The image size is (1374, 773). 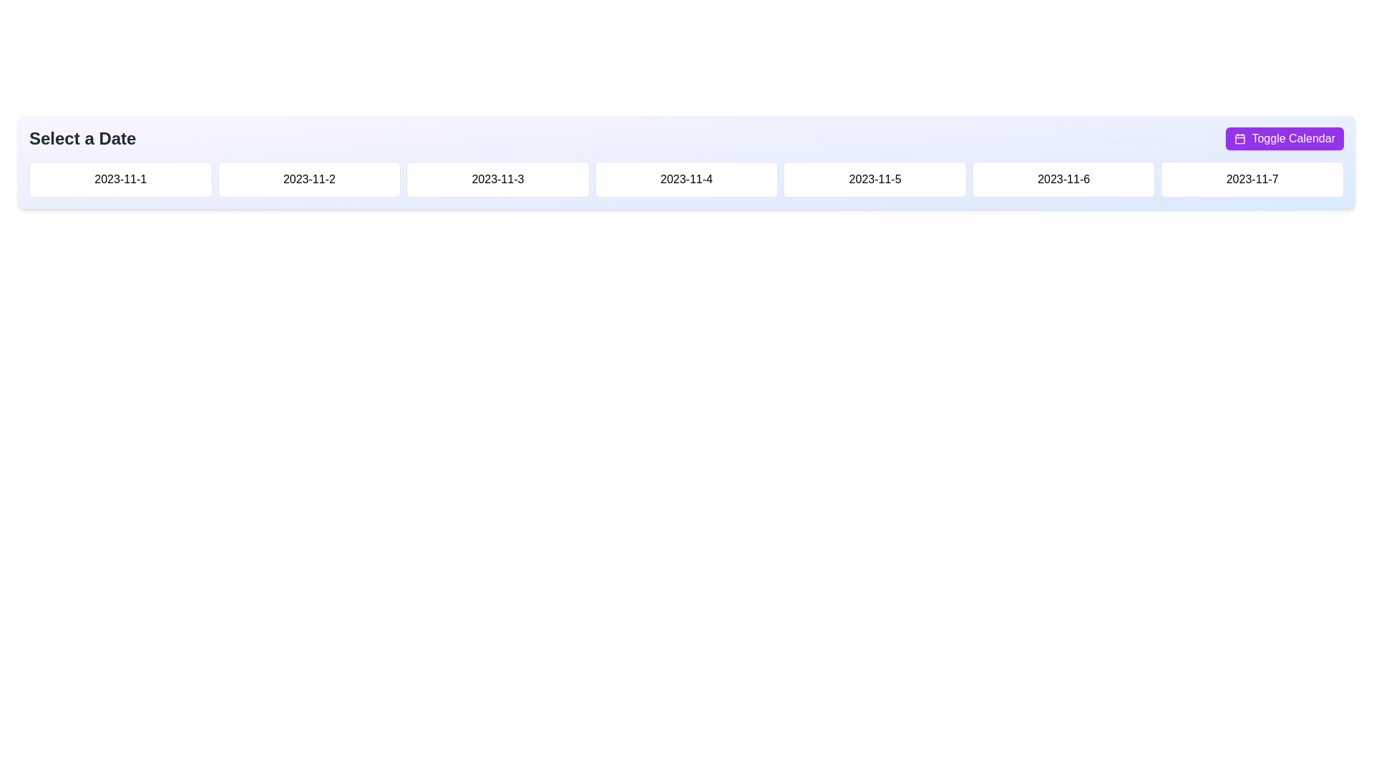 I want to click on the button displaying the date '2023-11-7', so click(x=1252, y=178).